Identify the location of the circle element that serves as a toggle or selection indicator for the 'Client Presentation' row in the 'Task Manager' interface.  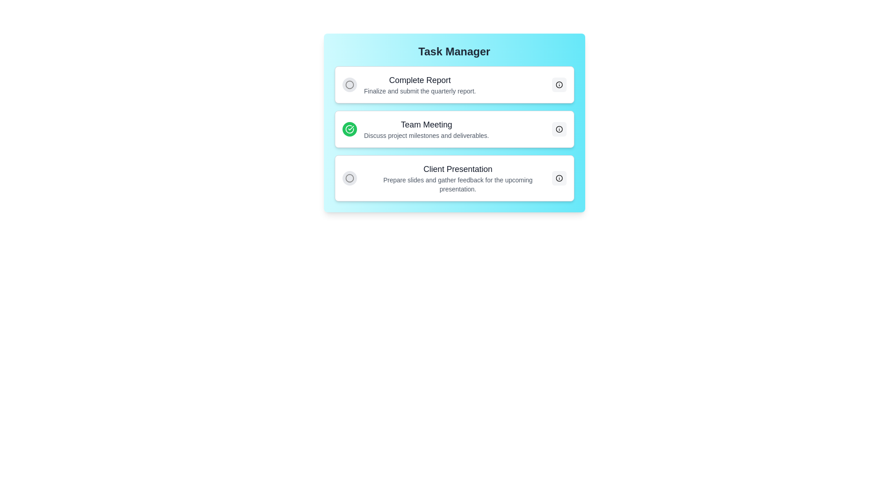
(349, 84).